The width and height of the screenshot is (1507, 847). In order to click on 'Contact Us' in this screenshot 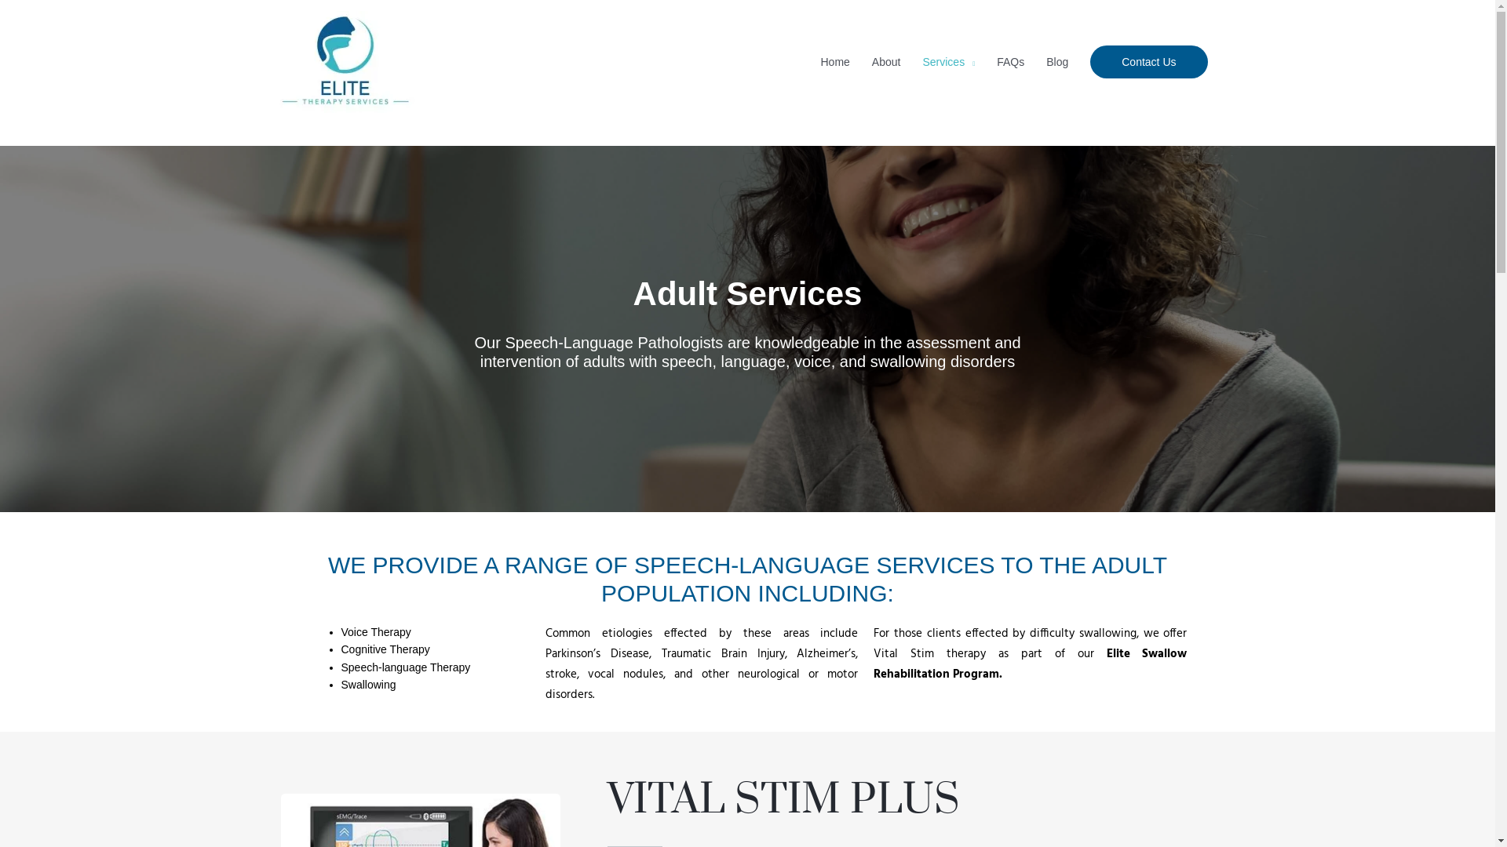, I will do `click(1148, 60)`.